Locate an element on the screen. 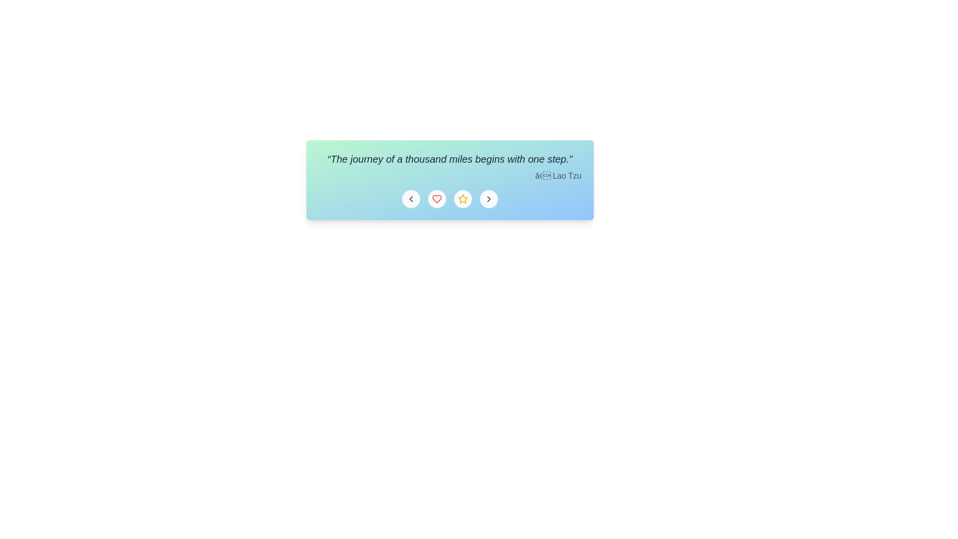 Image resolution: width=958 pixels, height=539 pixels. the heart-shaped icon within the button is located at coordinates (437, 199).